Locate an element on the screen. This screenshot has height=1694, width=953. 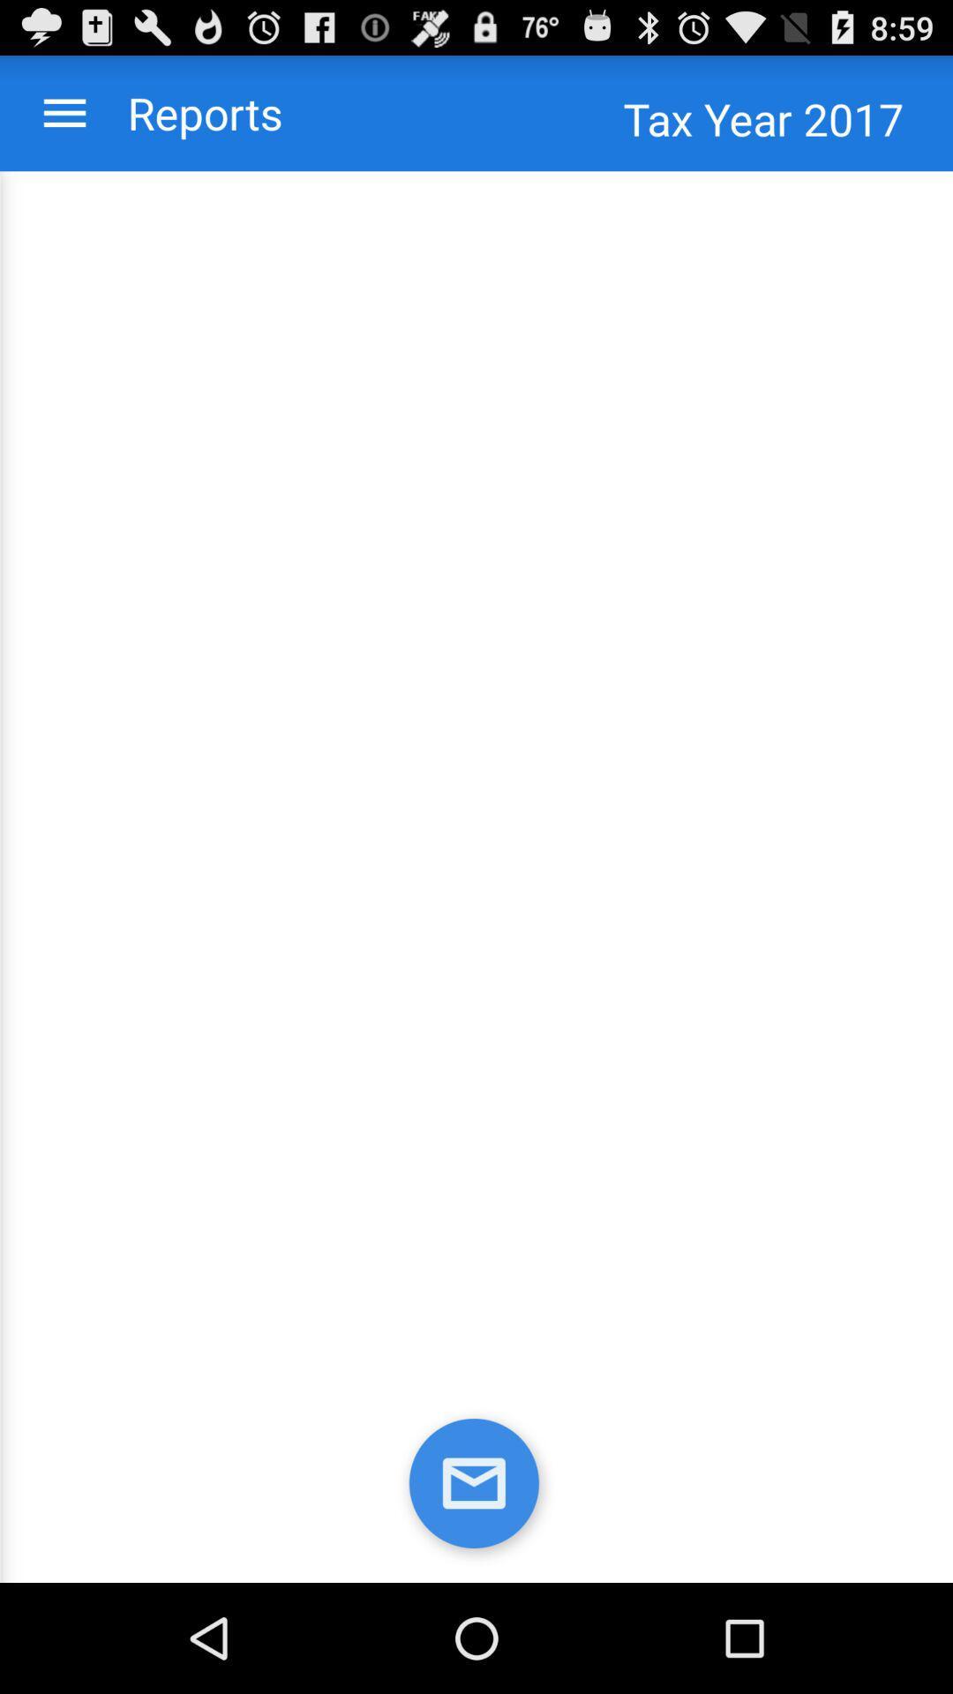
this gives the more options is located at coordinates (64, 112).